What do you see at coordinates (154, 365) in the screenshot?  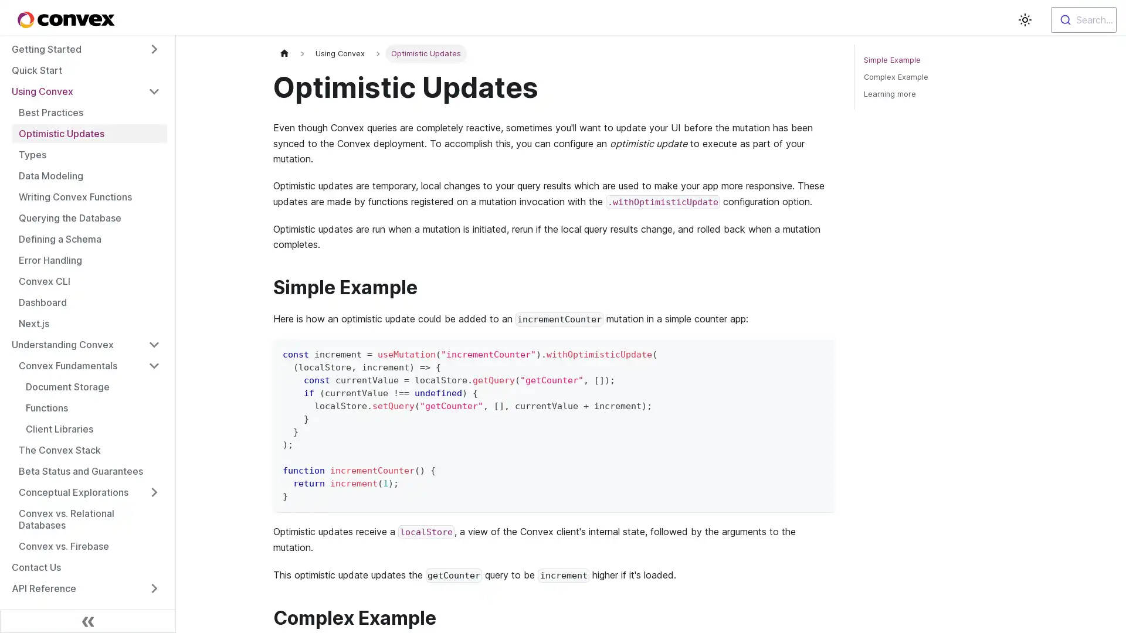 I see `Toggle the collapsible sidebar category 'Convex Fundamentals'` at bounding box center [154, 365].